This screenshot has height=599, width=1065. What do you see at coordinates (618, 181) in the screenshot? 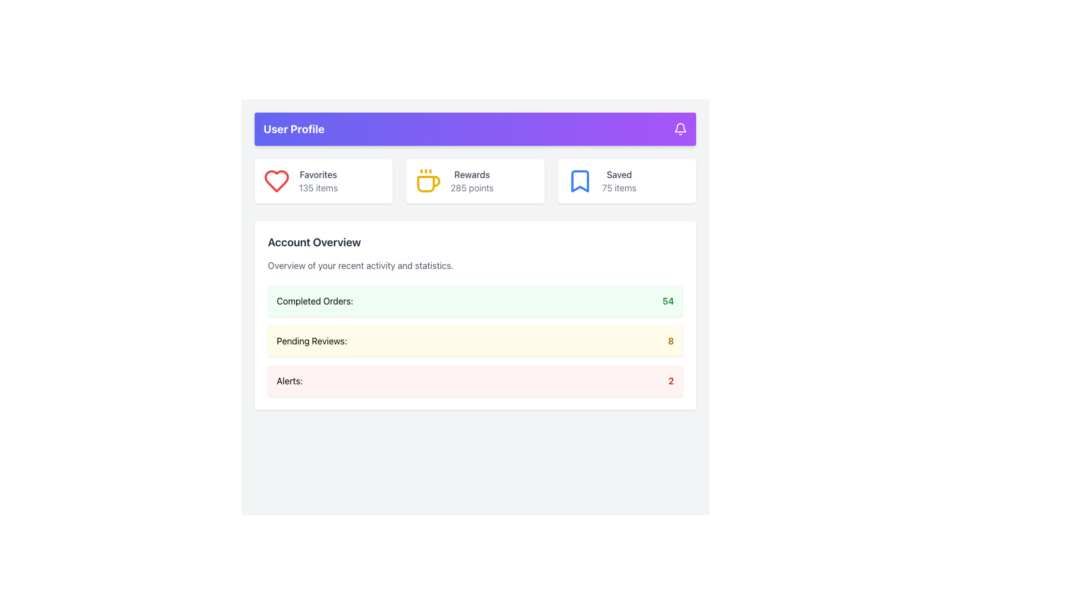
I see `the Text Display Component that shows 'Saved' and '75 items', located in the upper right corner of the interface among square buttons` at bounding box center [618, 181].